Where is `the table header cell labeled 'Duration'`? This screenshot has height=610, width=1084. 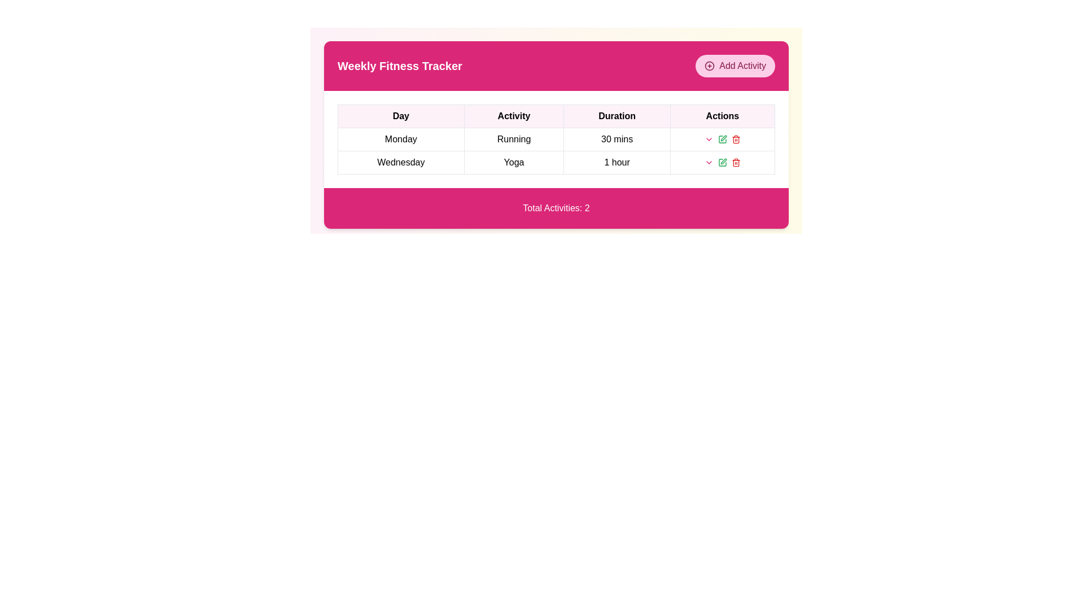 the table header cell labeled 'Duration' is located at coordinates (617, 116).